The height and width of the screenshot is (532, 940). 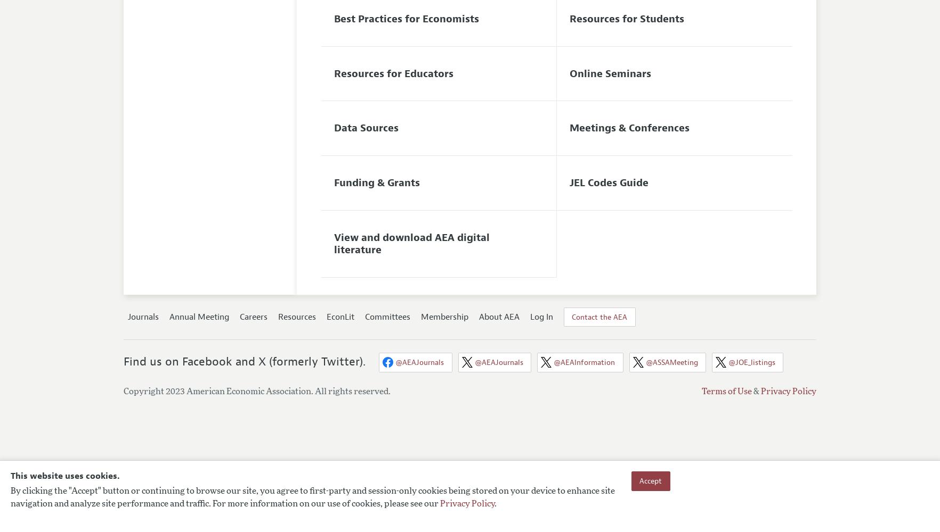 What do you see at coordinates (239, 316) in the screenshot?
I see `'Careers'` at bounding box center [239, 316].